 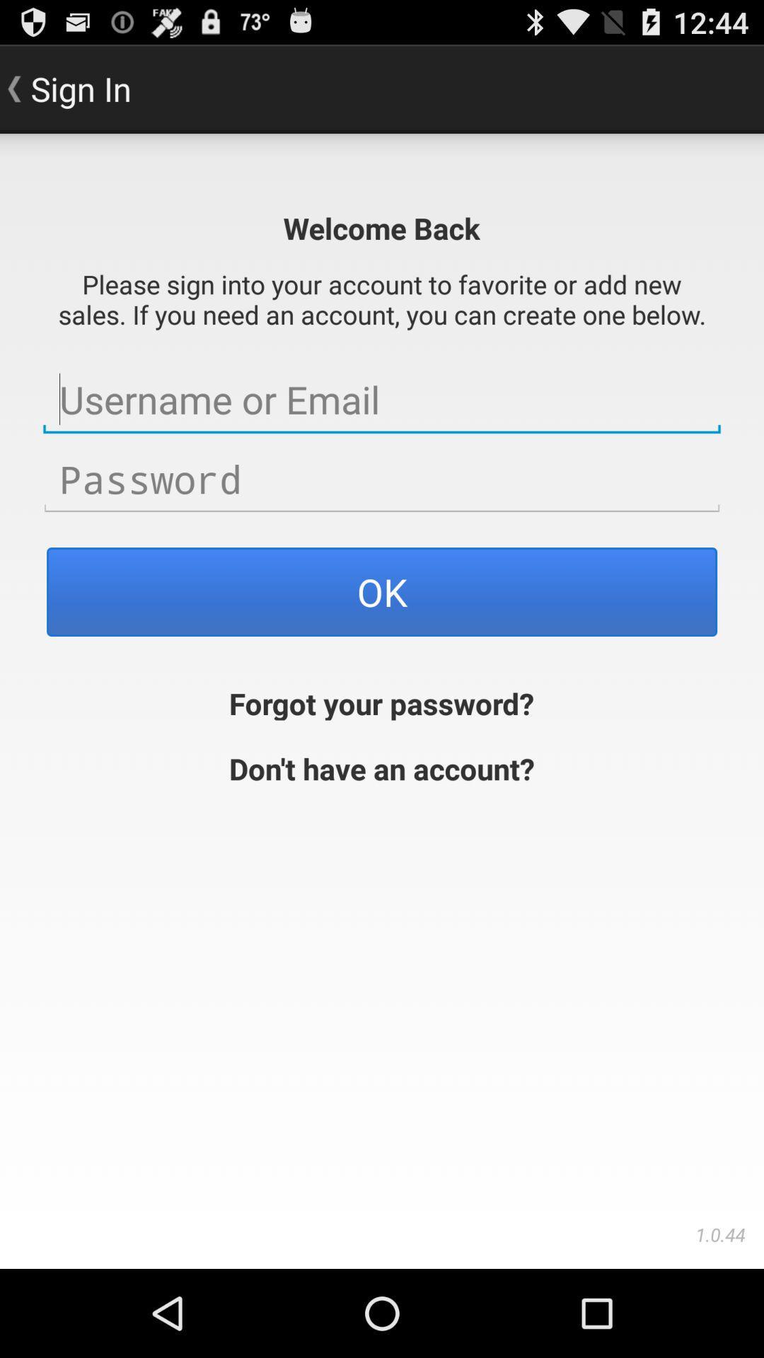 I want to click on email enter bar, so click(x=382, y=399).